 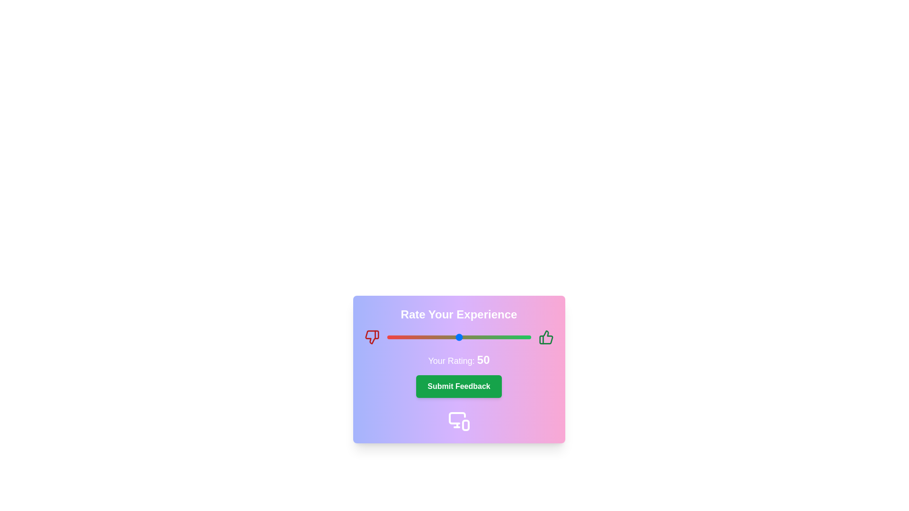 What do you see at coordinates (479, 337) in the screenshot?
I see `the slider to a specific rating value, 64` at bounding box center [479, 337].